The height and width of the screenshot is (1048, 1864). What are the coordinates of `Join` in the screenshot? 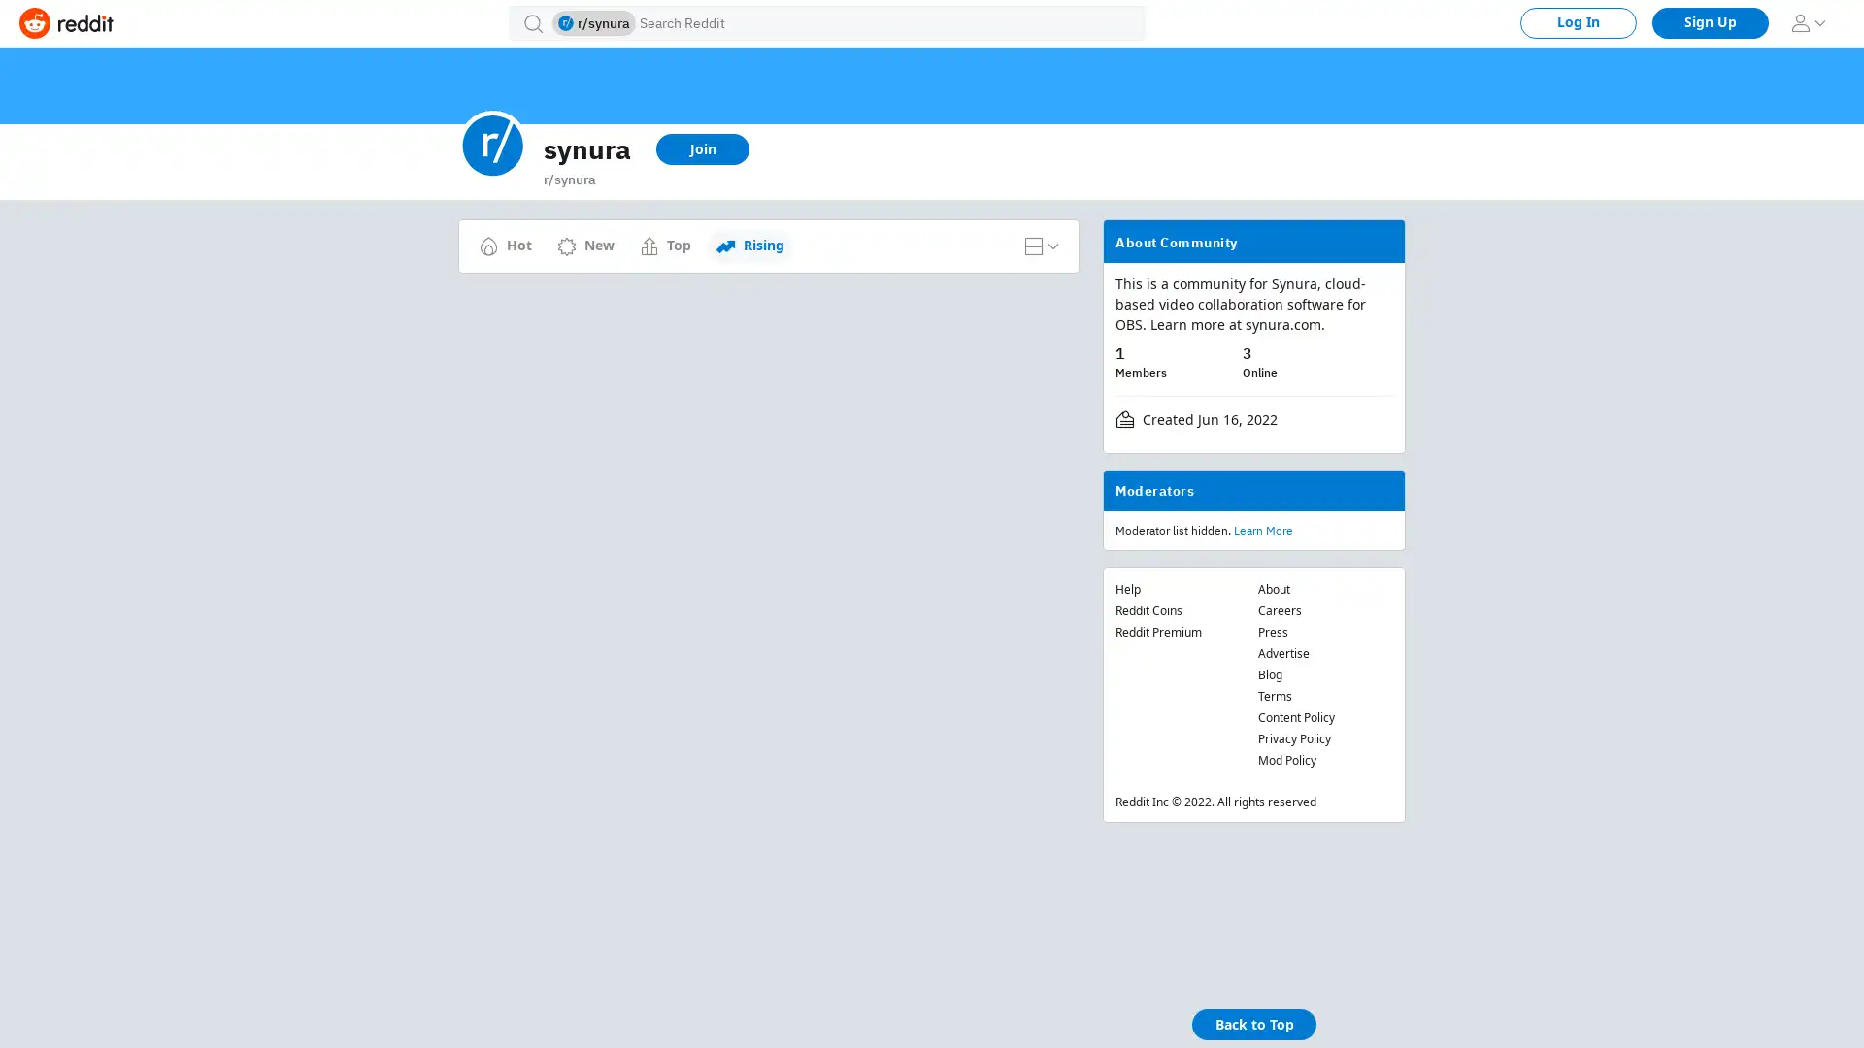 It's located at (702, 148).